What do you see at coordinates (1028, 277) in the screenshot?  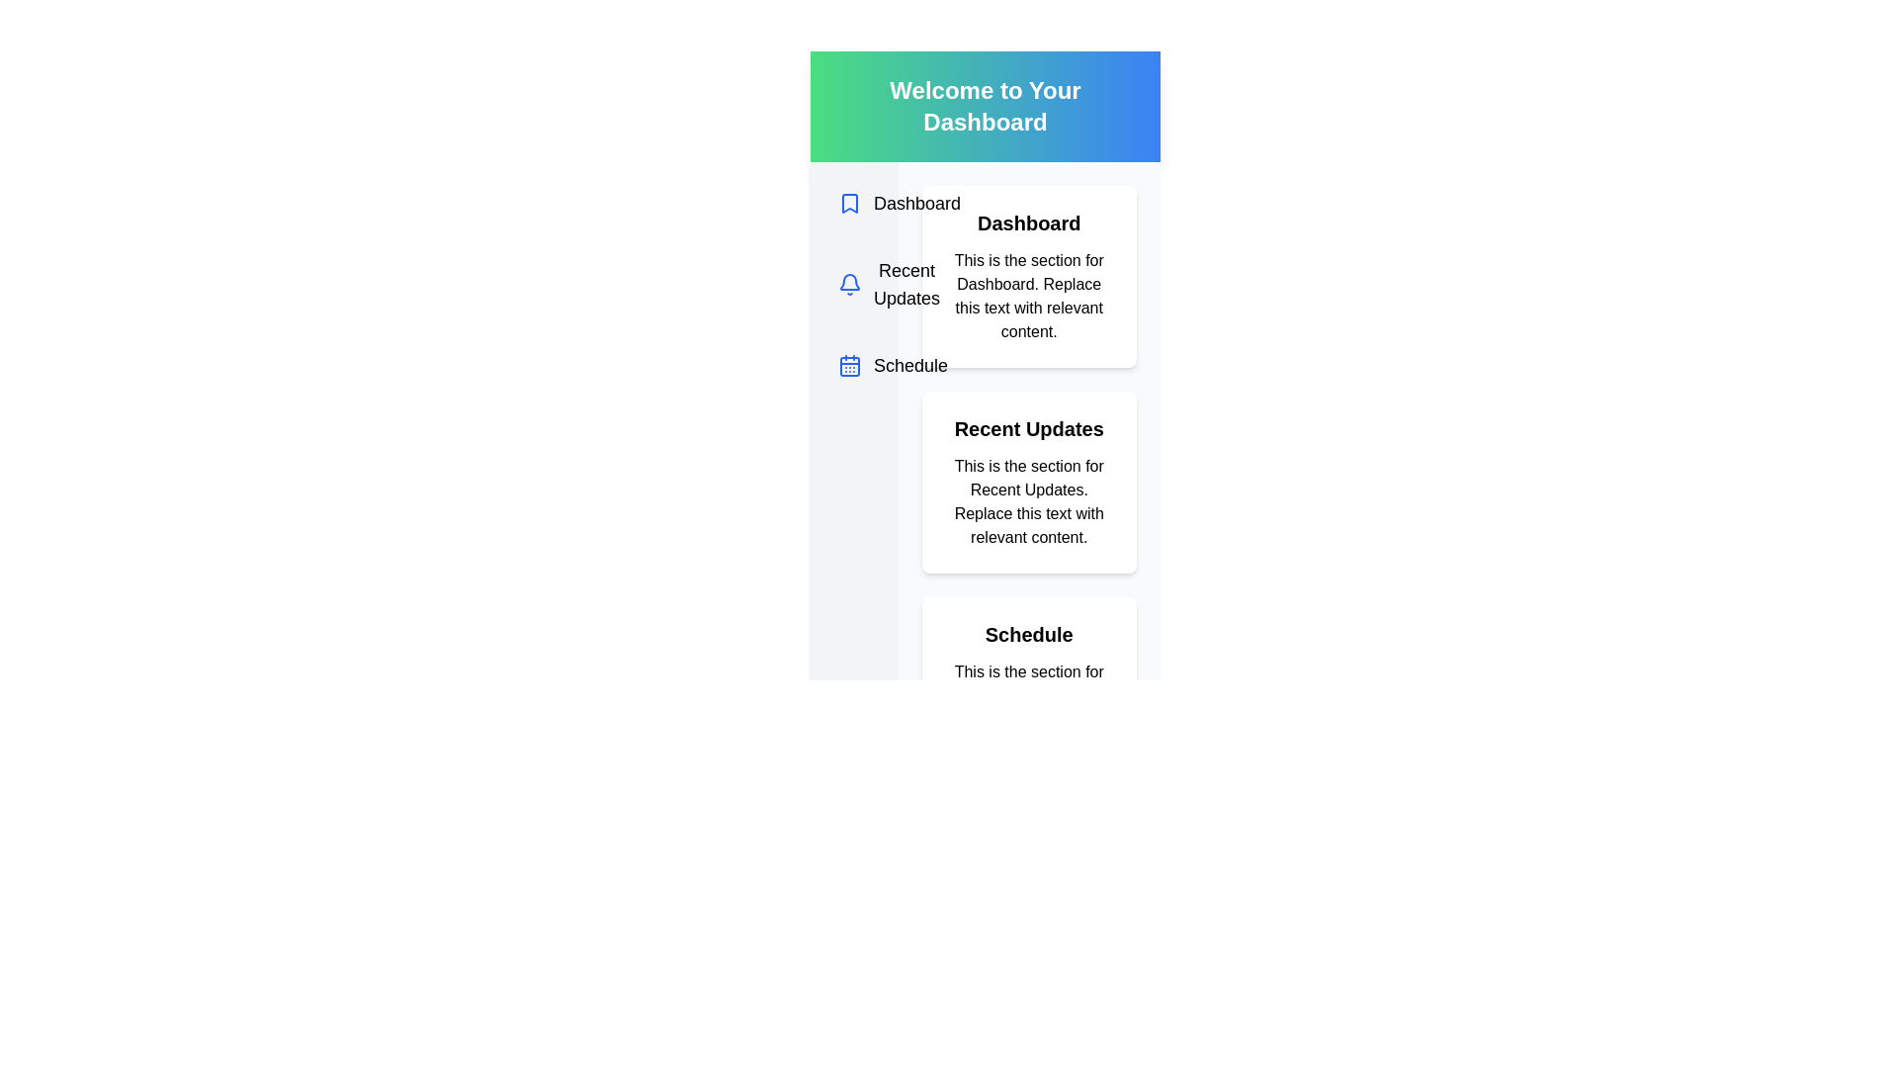 I see `the 'Dashboard' card, which is a rectangular box with a white background and rounded corners, located at the top of a vertical stack of sections in the main content area` at bounding box center [1028, 277].